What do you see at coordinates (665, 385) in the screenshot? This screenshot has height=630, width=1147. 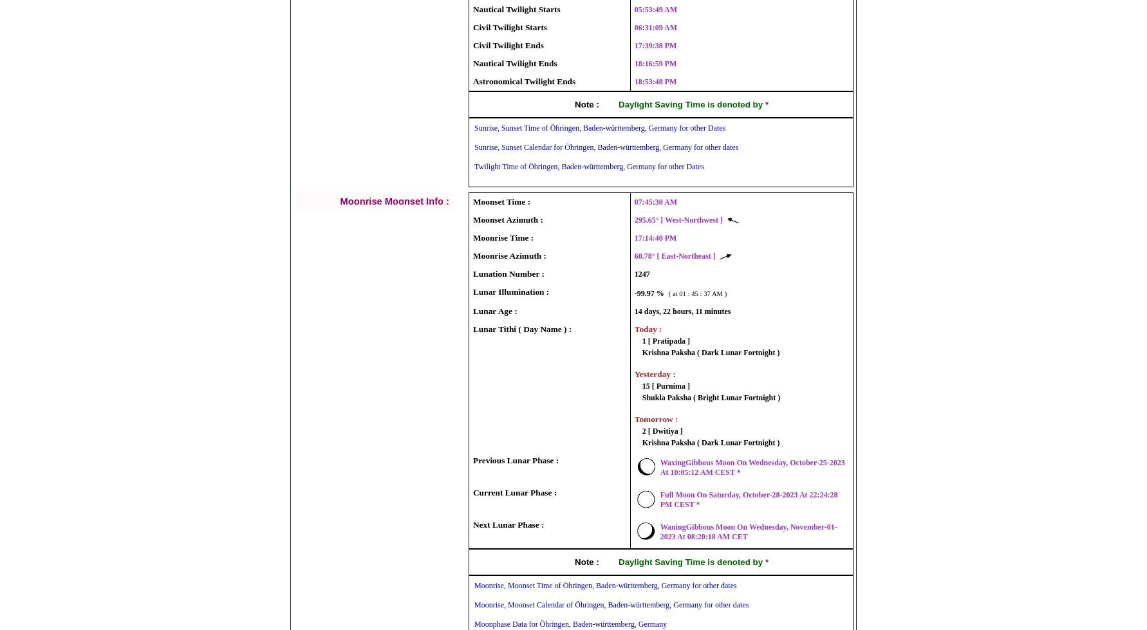 I see `'15 [ Purnima ]'` at bounding box center [665, 385].